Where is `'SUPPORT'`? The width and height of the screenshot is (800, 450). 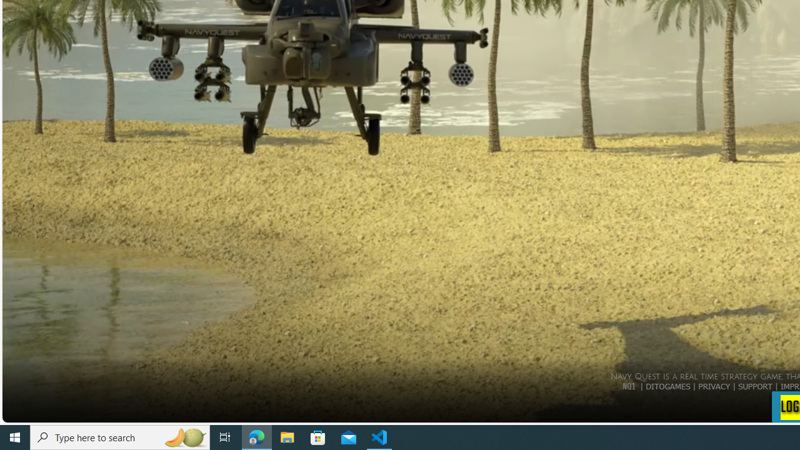 'SUPPORT' is located at coordinates (754, 385).